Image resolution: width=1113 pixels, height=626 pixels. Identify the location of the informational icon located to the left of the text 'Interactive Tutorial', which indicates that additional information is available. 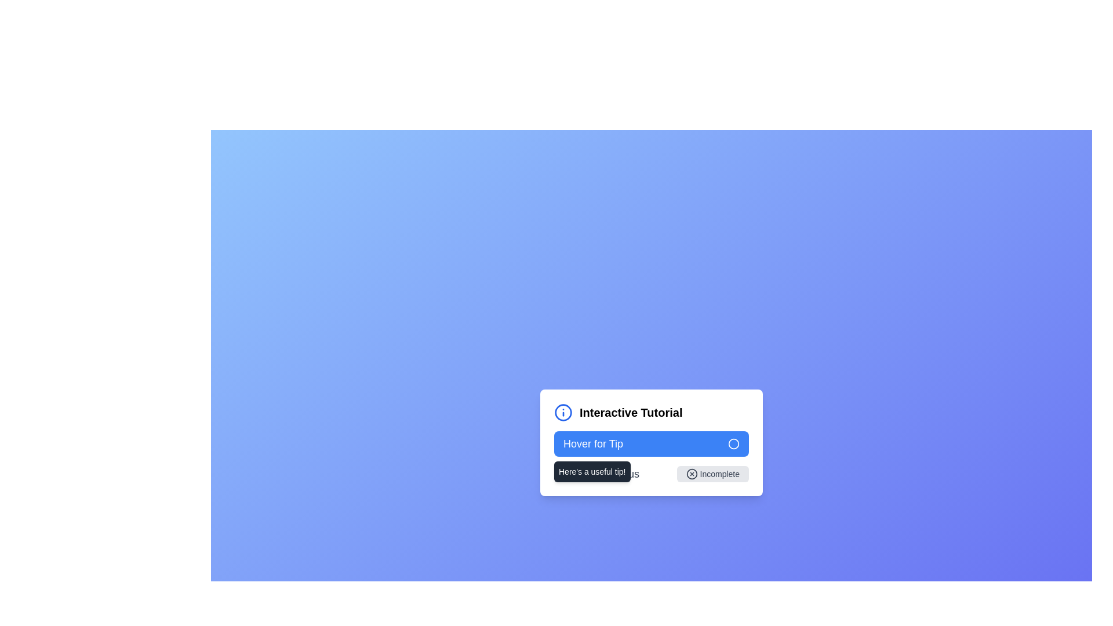
(563, 412).